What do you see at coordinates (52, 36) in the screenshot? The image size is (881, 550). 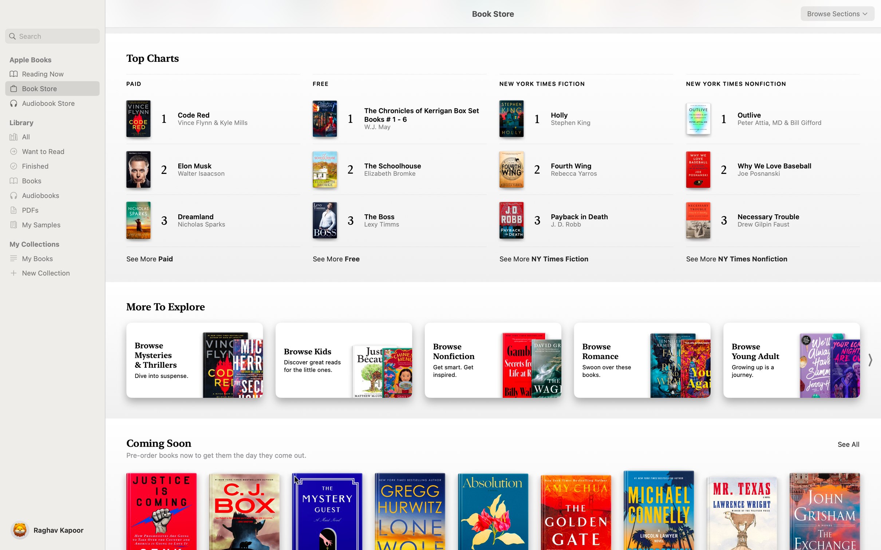 I see `Use the search to find book "The Power of Now` at bounding box center [52, 36].